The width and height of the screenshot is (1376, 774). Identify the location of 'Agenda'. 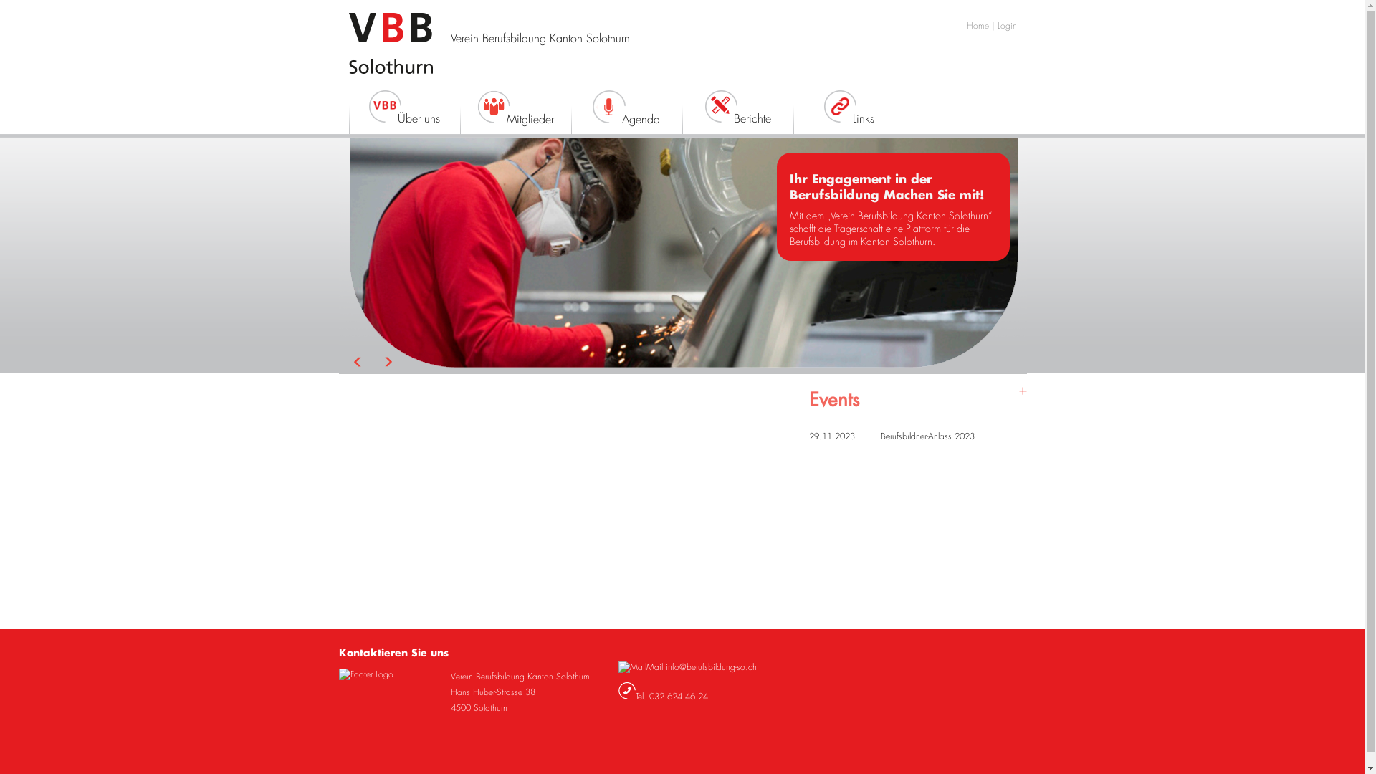
(626, 113).